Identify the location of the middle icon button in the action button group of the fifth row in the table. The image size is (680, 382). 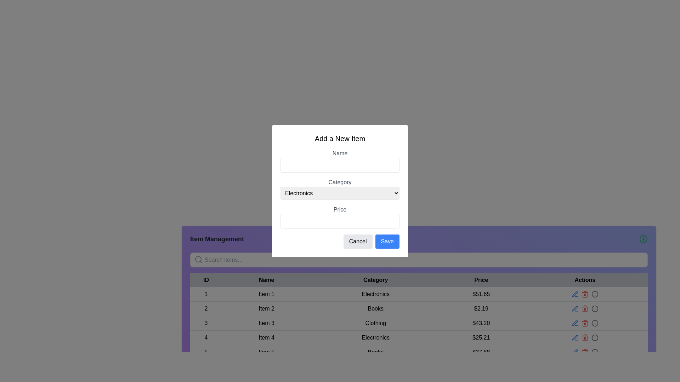
(585, 352).